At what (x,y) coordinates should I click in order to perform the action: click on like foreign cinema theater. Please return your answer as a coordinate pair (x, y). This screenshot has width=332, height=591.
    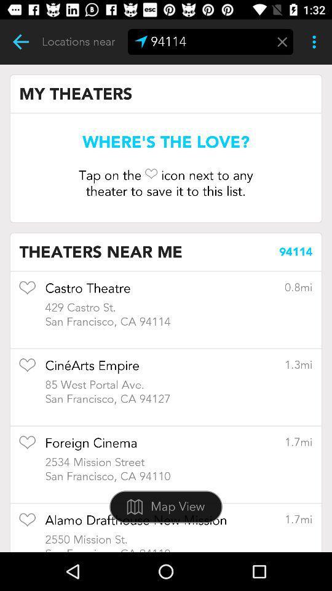
    Looking at the image, I should click on (27, 446).